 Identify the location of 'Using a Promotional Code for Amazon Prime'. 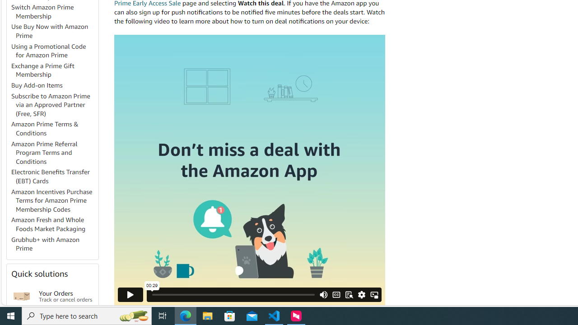
(48, 51).